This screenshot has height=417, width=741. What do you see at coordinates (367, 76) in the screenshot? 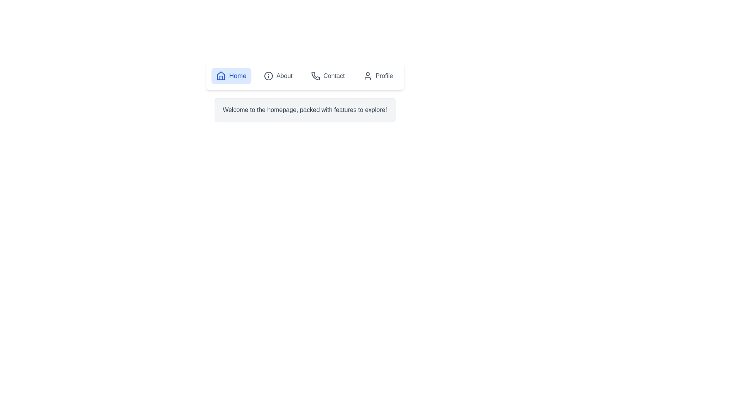
I see `the icon of the Profile tab` at bounding box center [367, 76].